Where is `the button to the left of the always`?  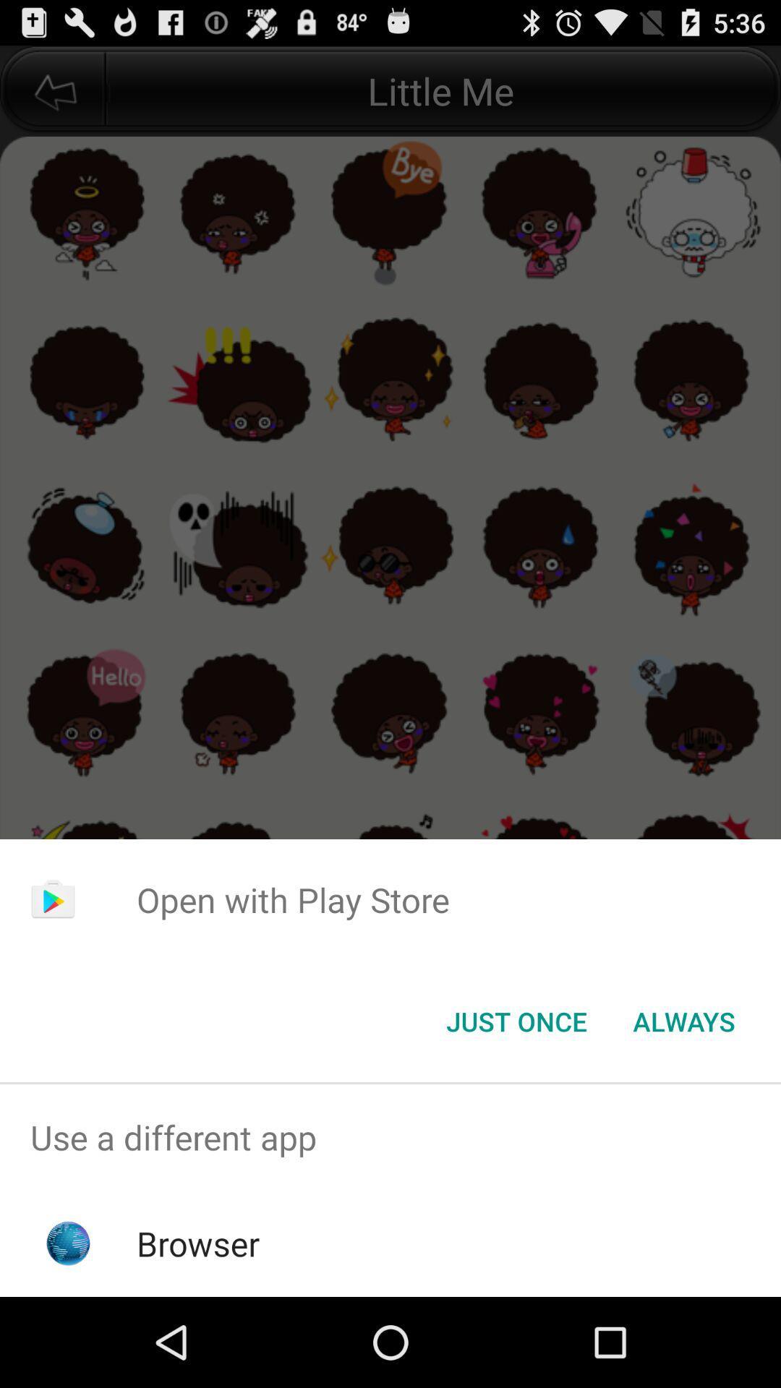 the button to the left of the always is located at coordinates (516, 1020).